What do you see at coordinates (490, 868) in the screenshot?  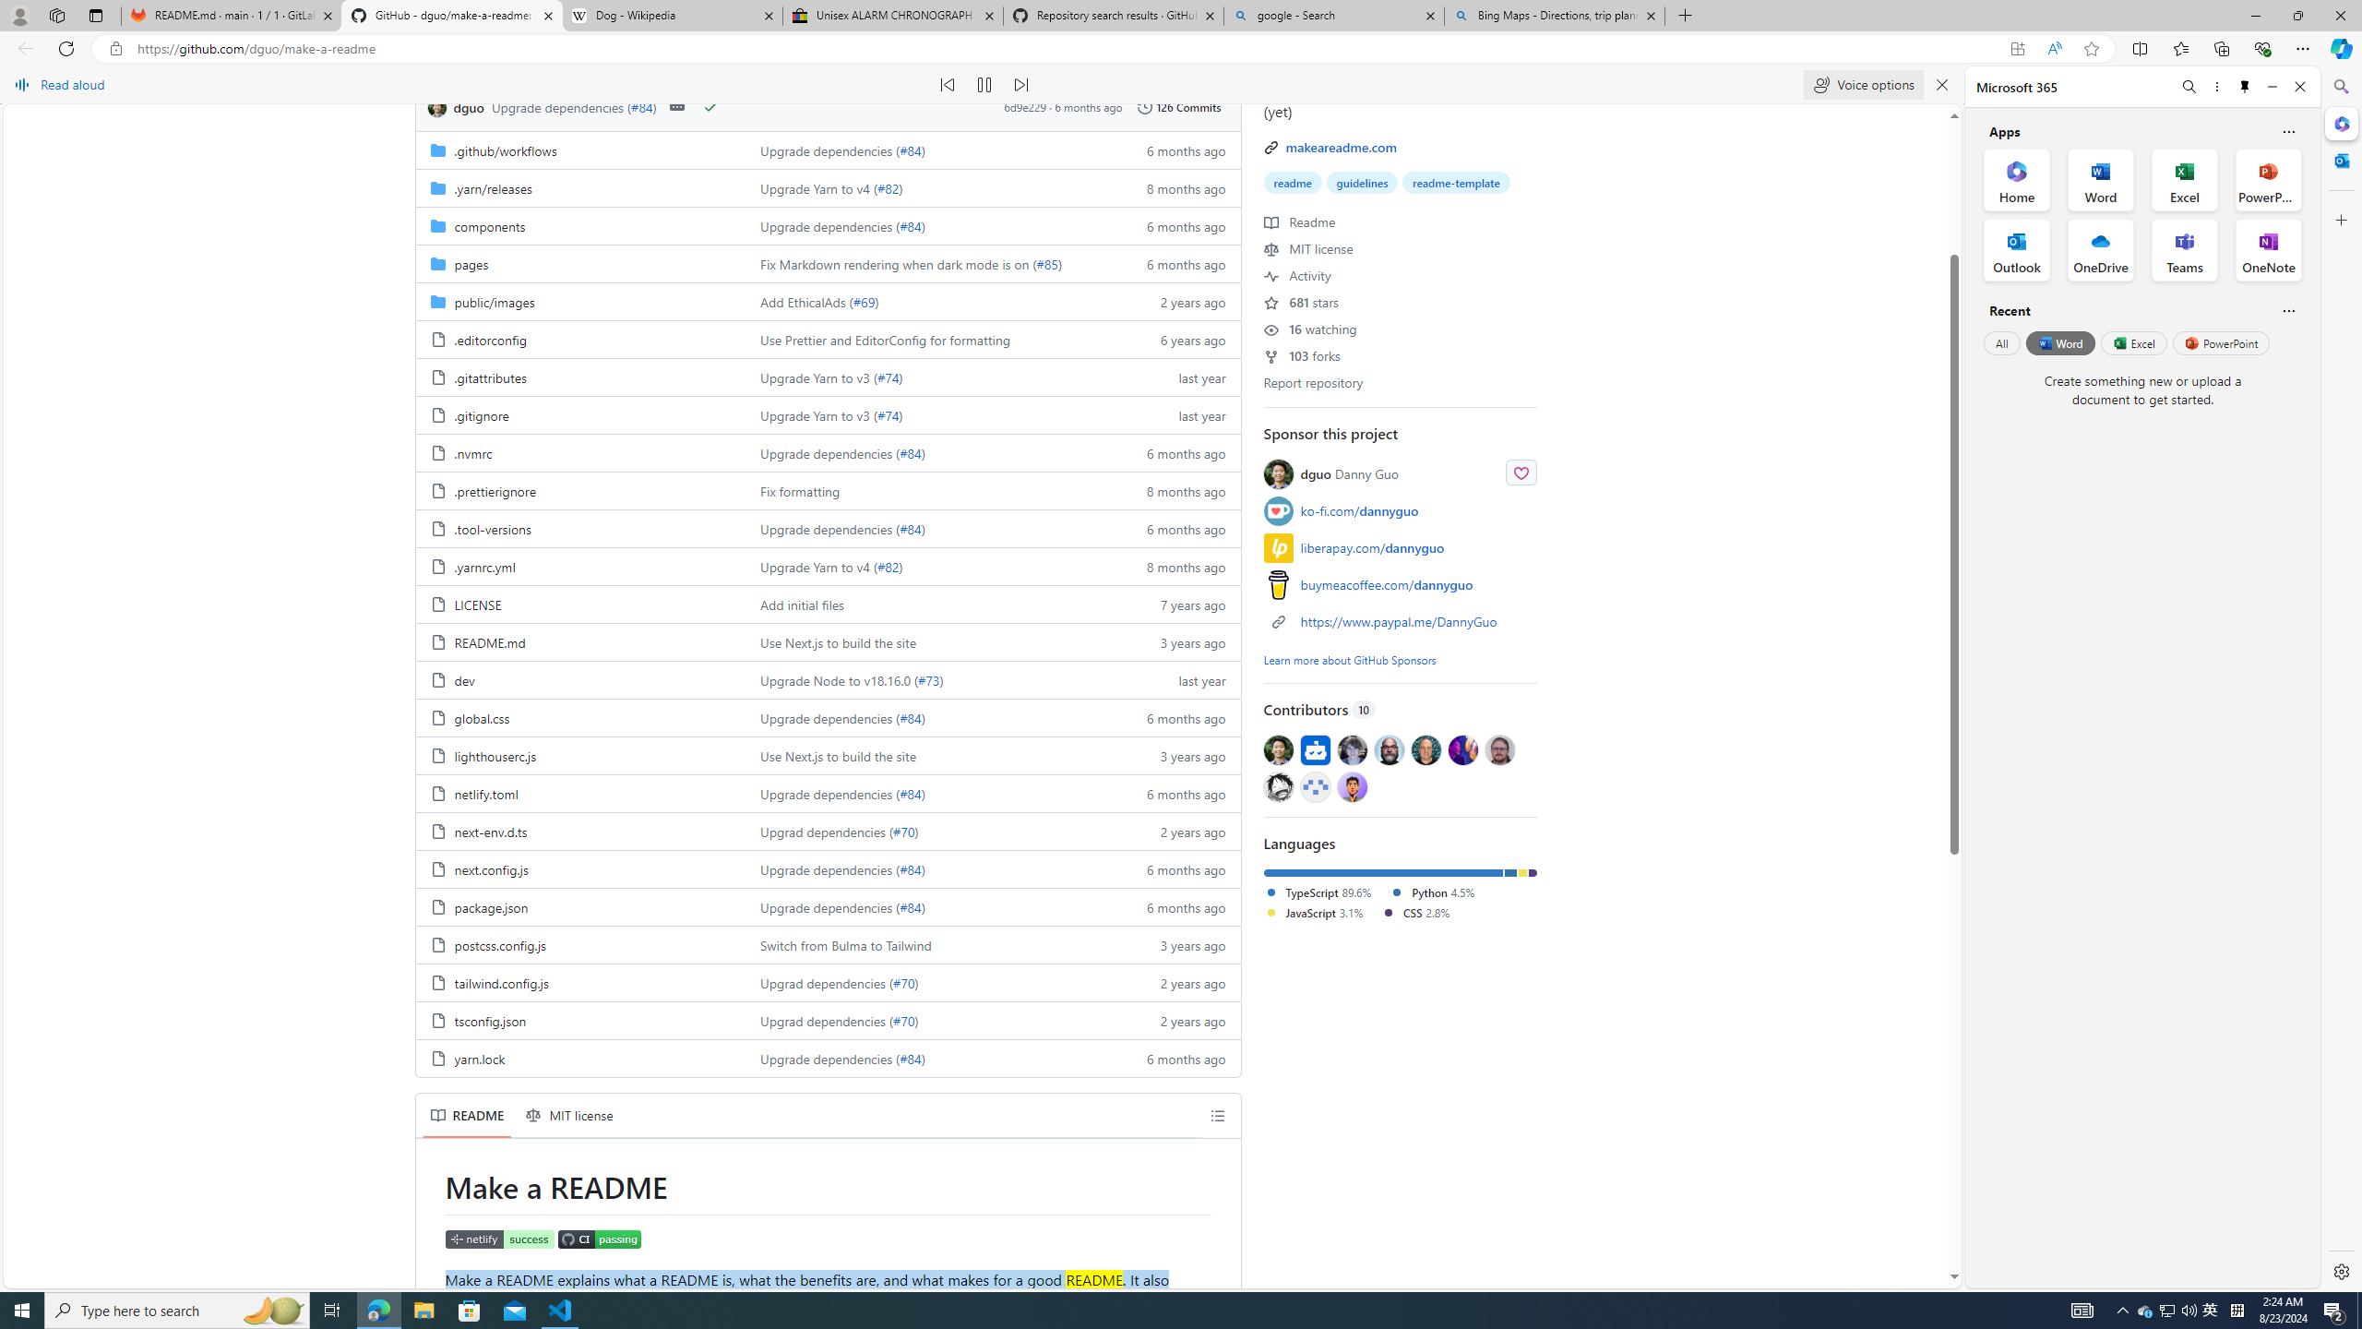 I see `'next.config.js, (File)'` at bounding box center [490, 868].